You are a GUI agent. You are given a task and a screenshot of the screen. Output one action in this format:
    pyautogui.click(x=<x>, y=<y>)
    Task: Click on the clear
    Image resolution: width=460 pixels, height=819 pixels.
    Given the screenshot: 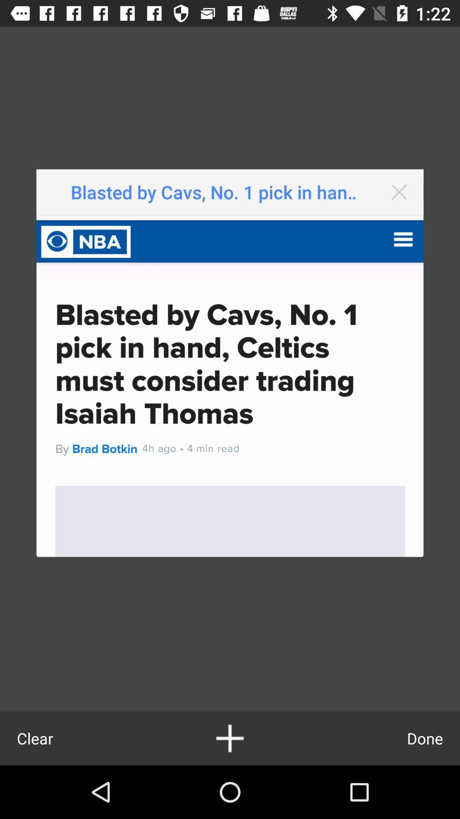 What is the action you would take?
    pyautogui.click(x=34, y=738)
    